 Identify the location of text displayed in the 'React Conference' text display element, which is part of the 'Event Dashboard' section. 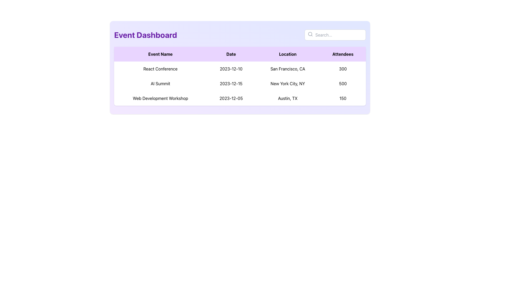
(160, 69).